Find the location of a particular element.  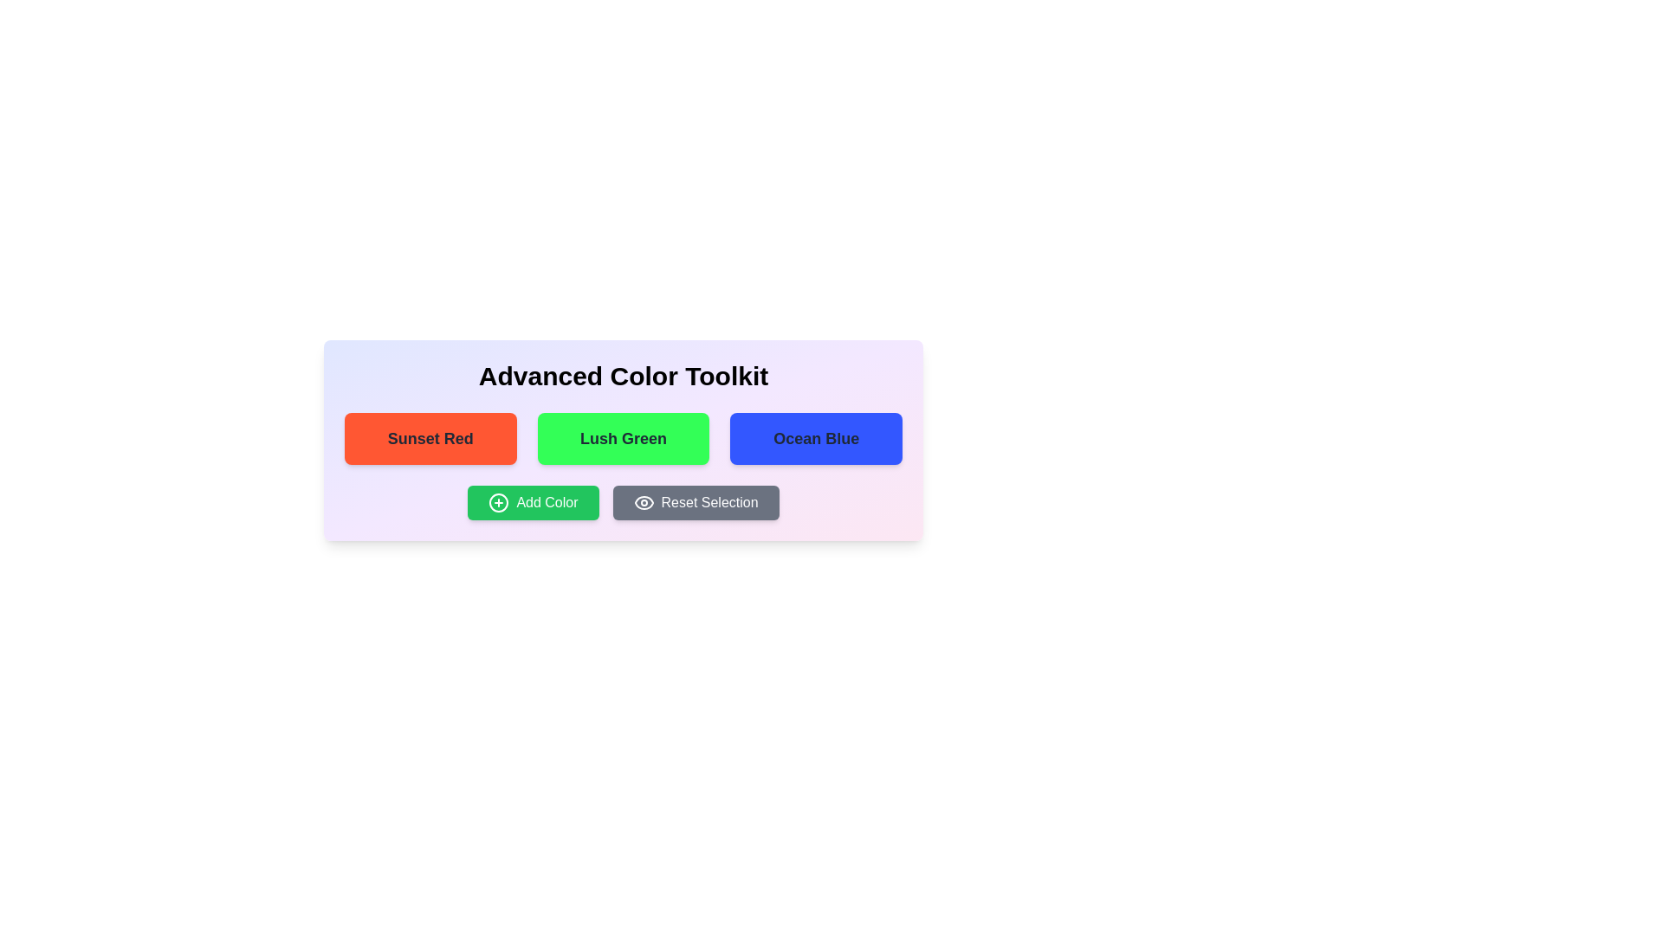

the reset button located in the horizontal group of buttons at the bottom of the interface, which is the second button from the left, to reset the current selection is located at coordinates (696, 503).